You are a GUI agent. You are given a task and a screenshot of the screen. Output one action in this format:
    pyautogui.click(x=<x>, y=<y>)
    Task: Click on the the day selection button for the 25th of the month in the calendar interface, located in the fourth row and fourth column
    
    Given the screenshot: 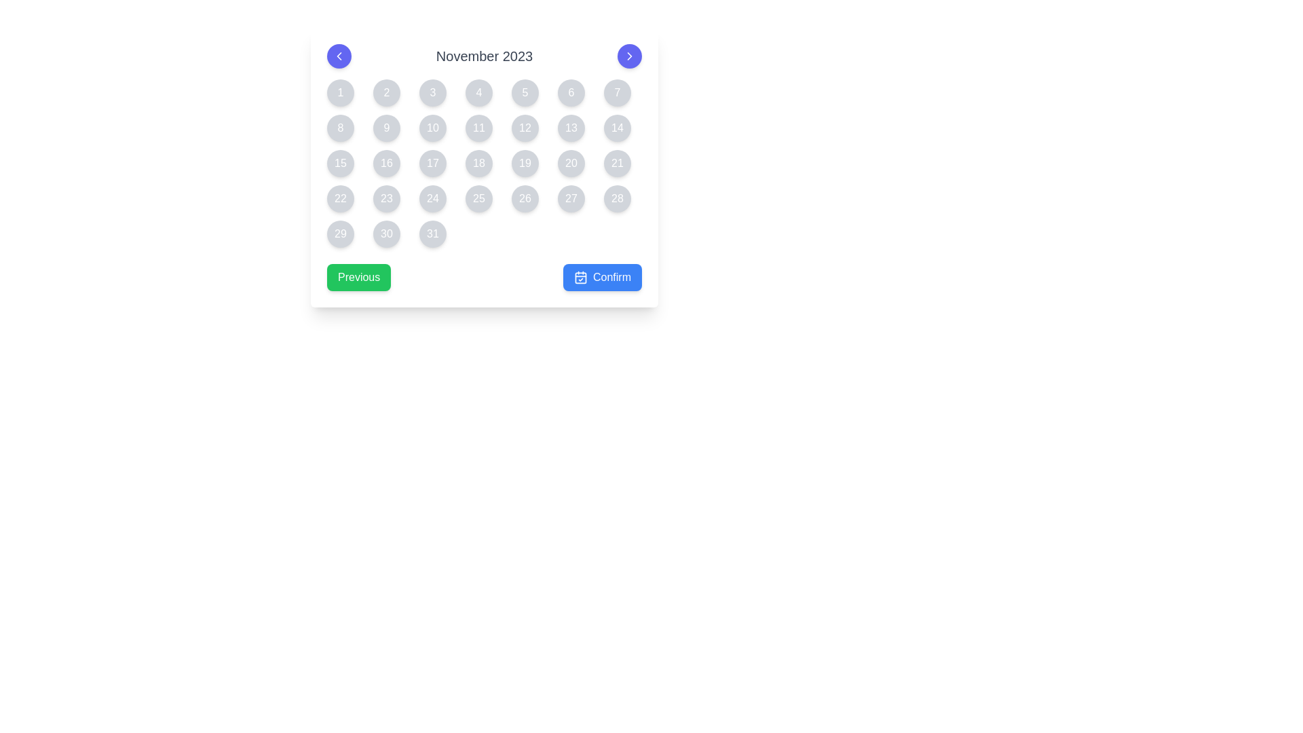 What is the action you would take?
    pyautogui.click(x=478, y=199)
    